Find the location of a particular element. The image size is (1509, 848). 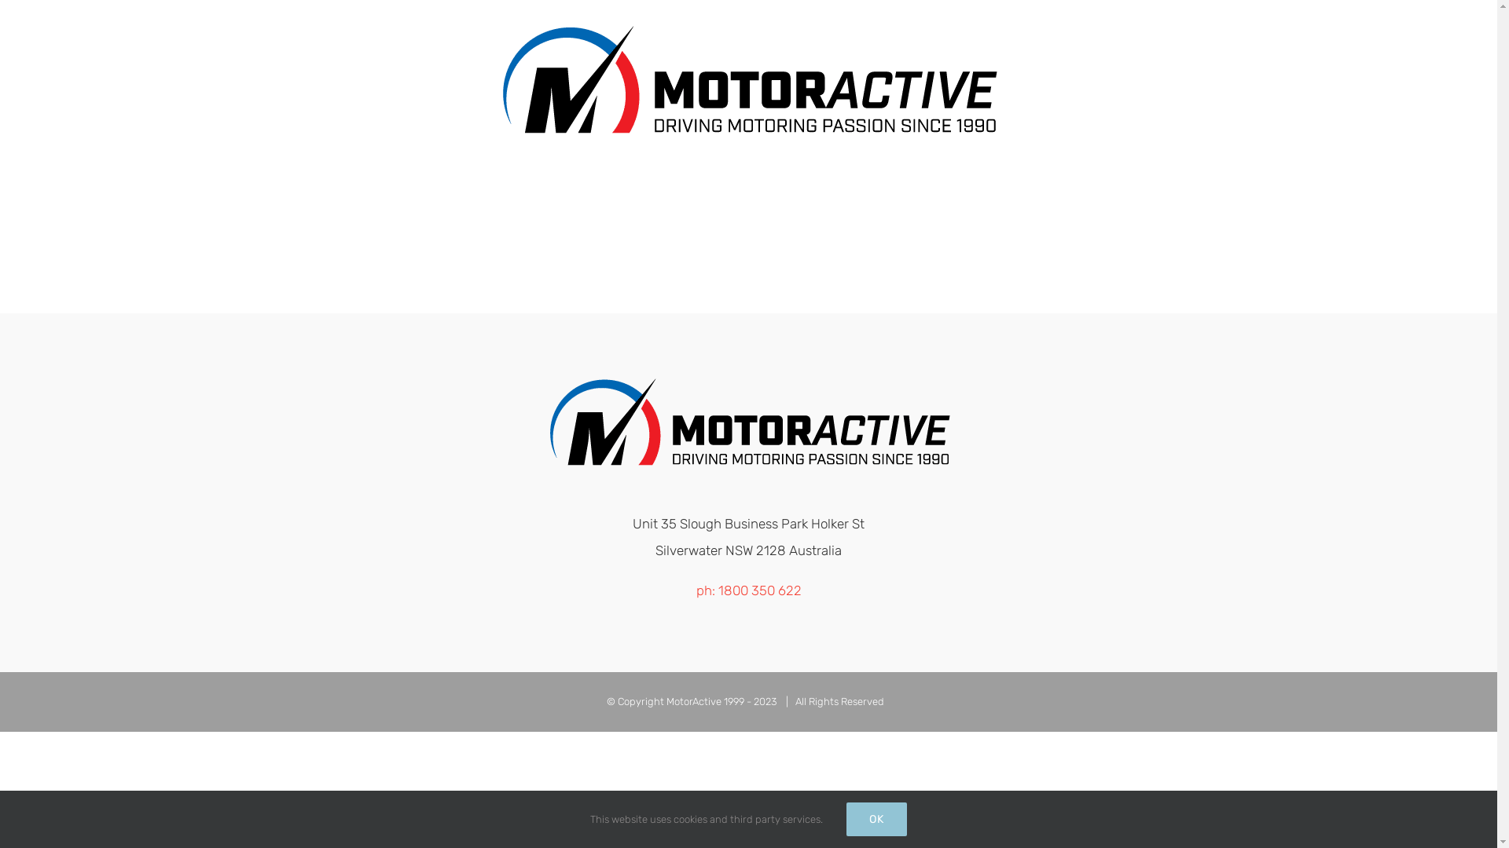

'OK' is located at coordinates (876, 818).